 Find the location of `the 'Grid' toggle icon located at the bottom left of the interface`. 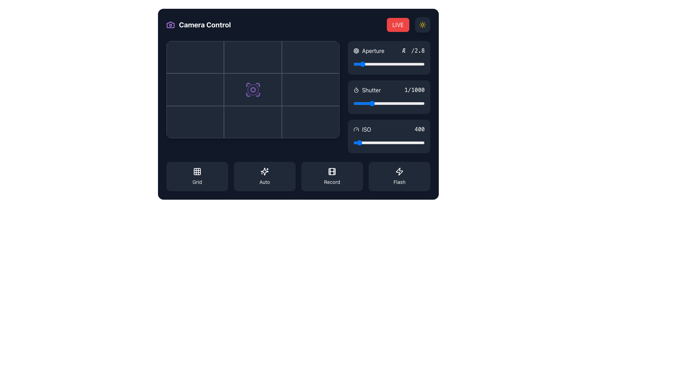

the 'Grid' toggle icon located at the bottom left of the interface is located at coordinates (197, 172).